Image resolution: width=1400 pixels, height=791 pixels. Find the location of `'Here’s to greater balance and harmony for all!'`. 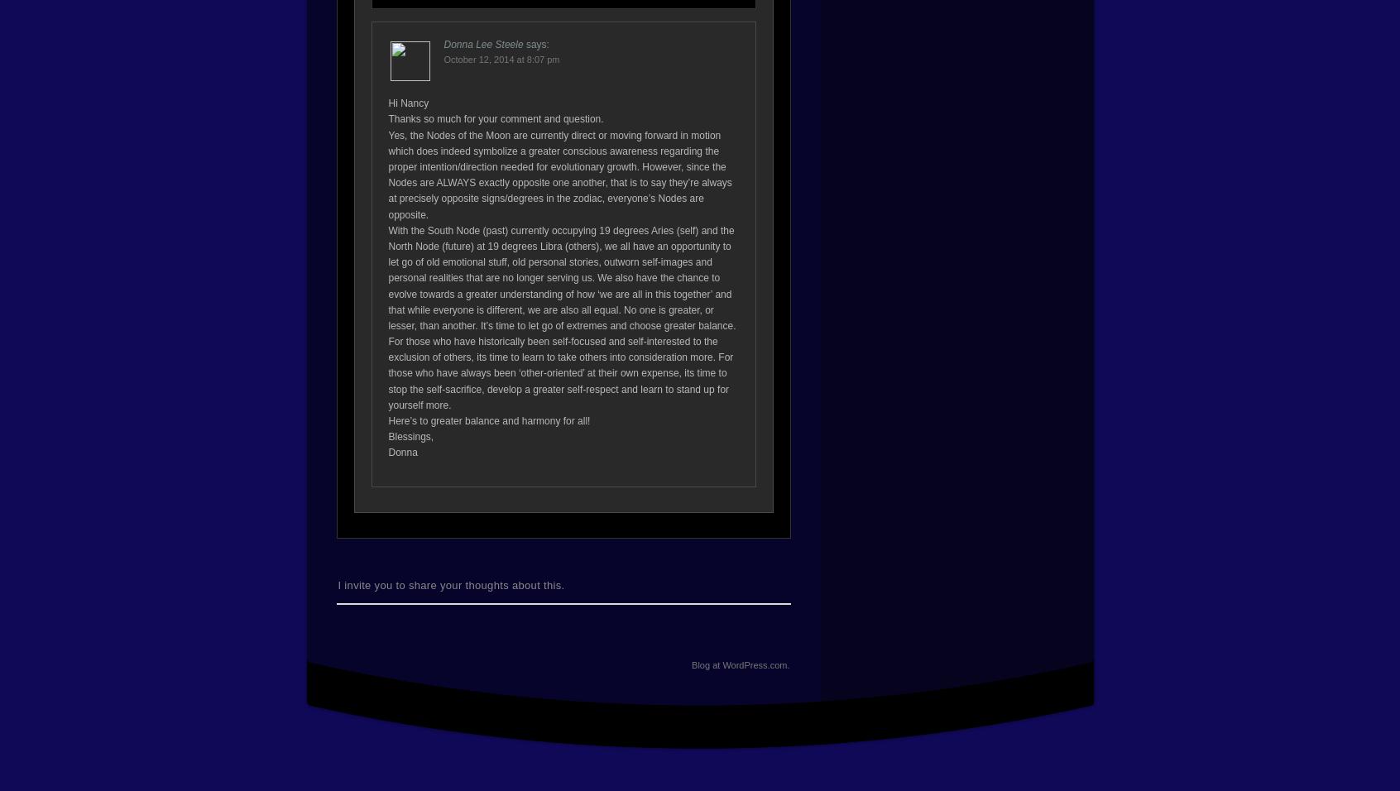

'Here’s to greater balance and harmony for all!' is located at coordinates (488, 419).